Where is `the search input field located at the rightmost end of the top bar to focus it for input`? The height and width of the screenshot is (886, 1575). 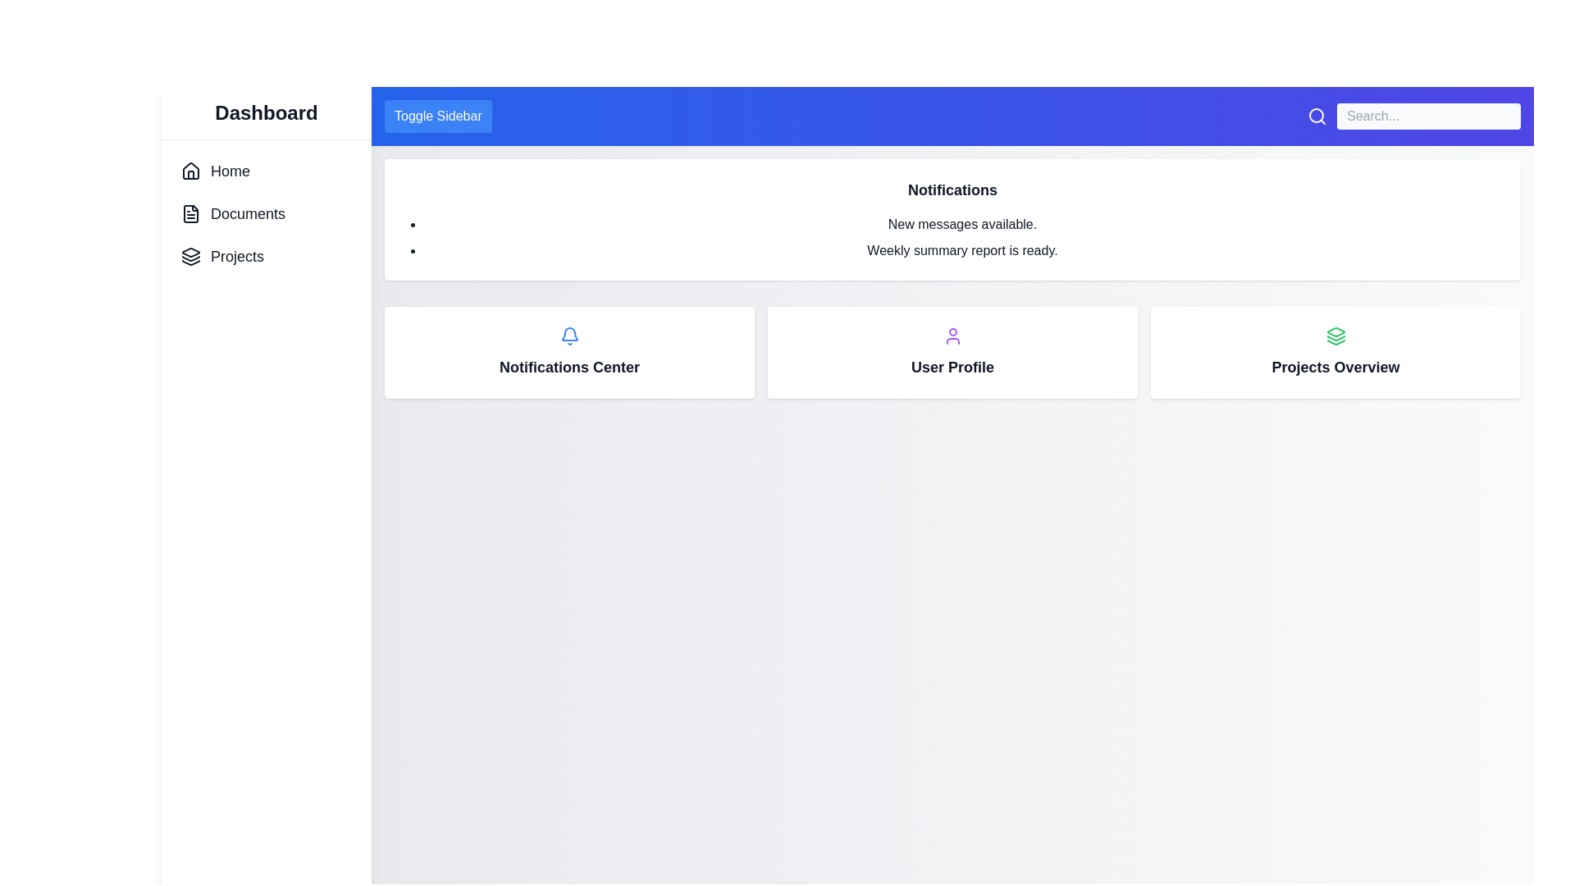 the search input field located at the rightmost end of the top bar to focus it for input is located at coordinates (1413, 116).